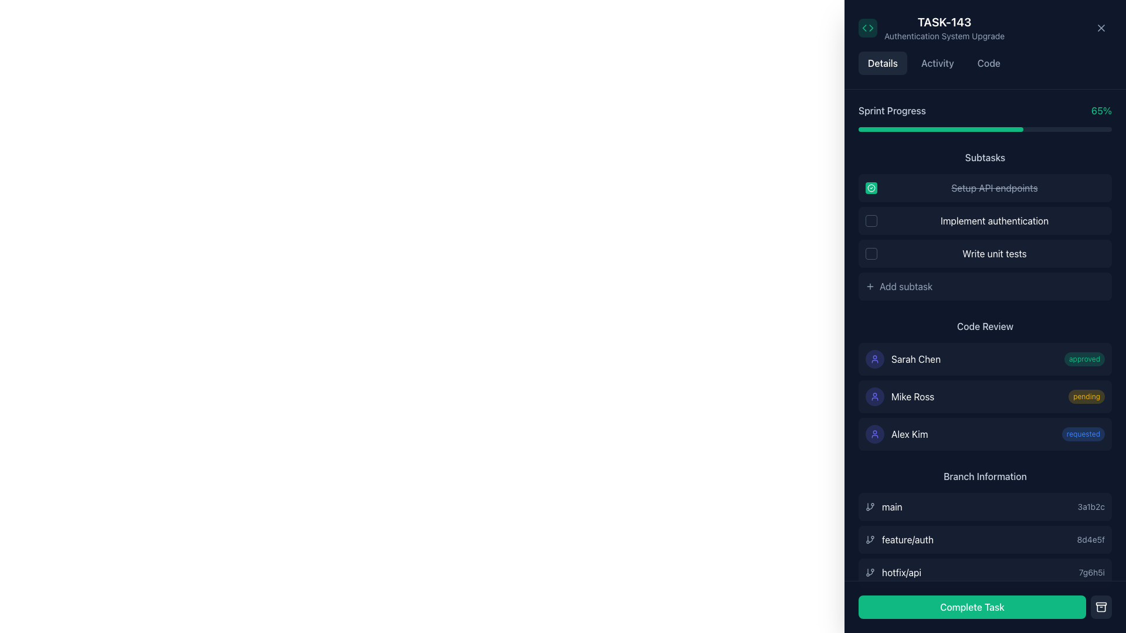 The image size is (1126, 633). What do you see at coordinates (875, 434) in the screenshot?
I see `the user avatar or profile icon, which is a circular indigo icon with a user silhouette, located next to the 'Alex Kim' text in the 'Code Review' section` at bounding box center [875, 434].